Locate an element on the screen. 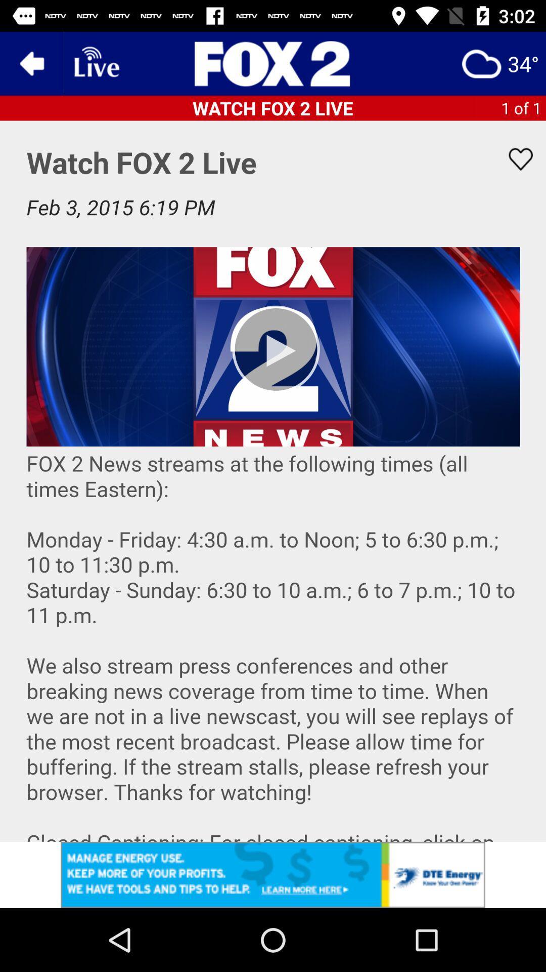  favorite option is located at coordinates (514, 158).